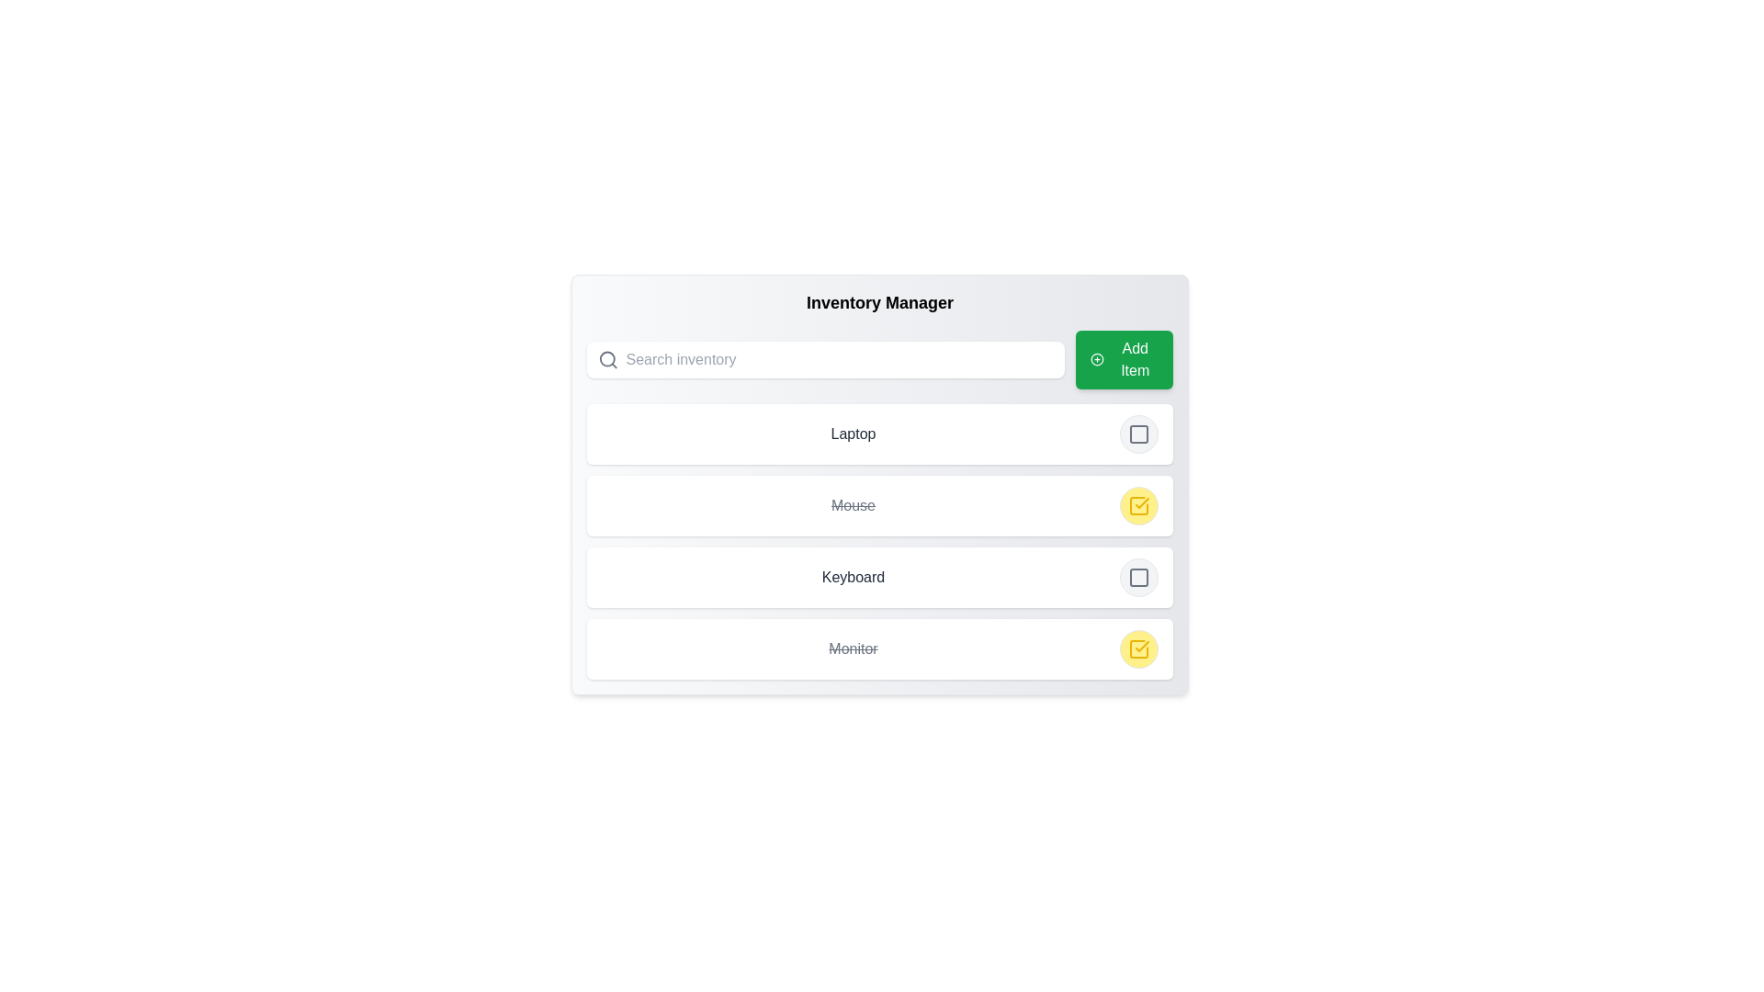 The image size is (1764, 992). I want to click on the small gray search icon styled as a magnifying glass, located at the left end of the search bar preceding the placeholder text 'Search inventory', so click(608, 360).